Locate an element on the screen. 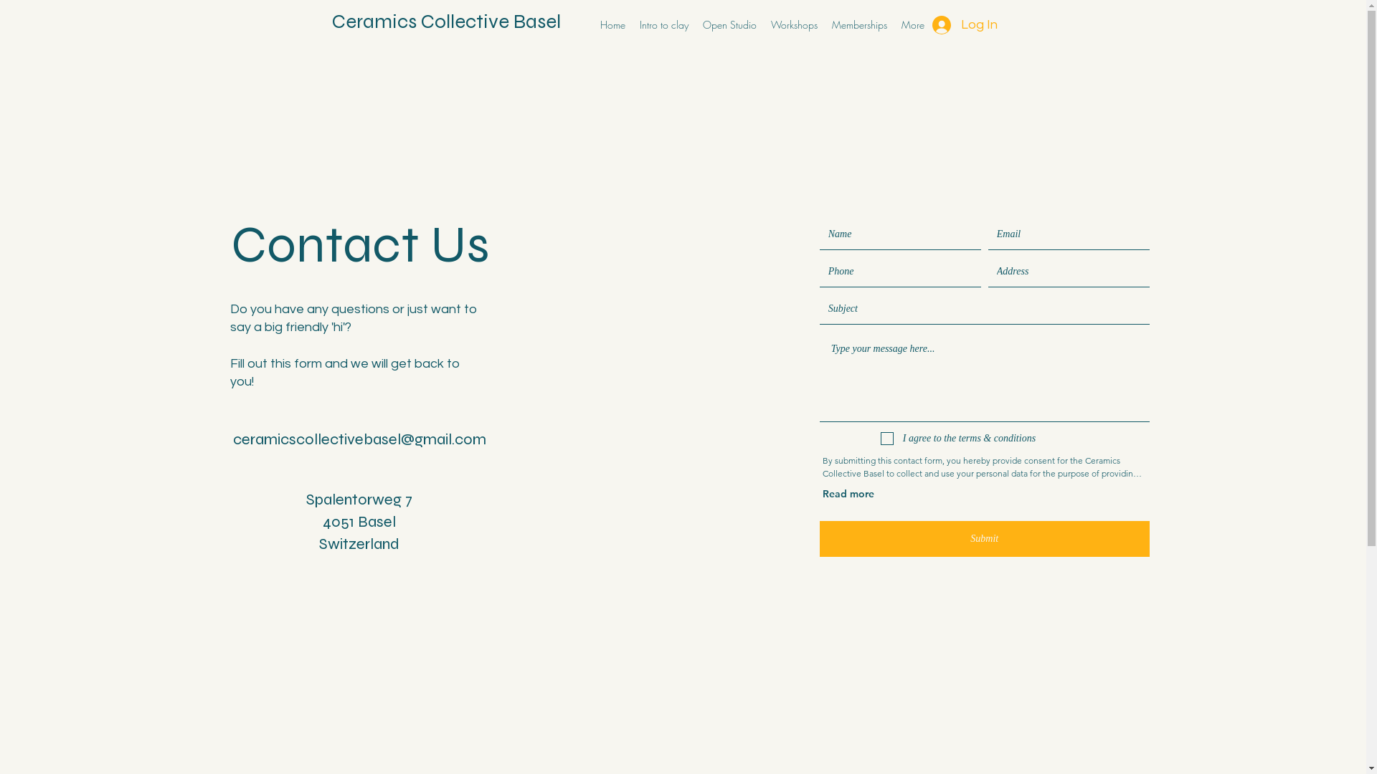  'Open Studio' is located at coordinates (729, 24).